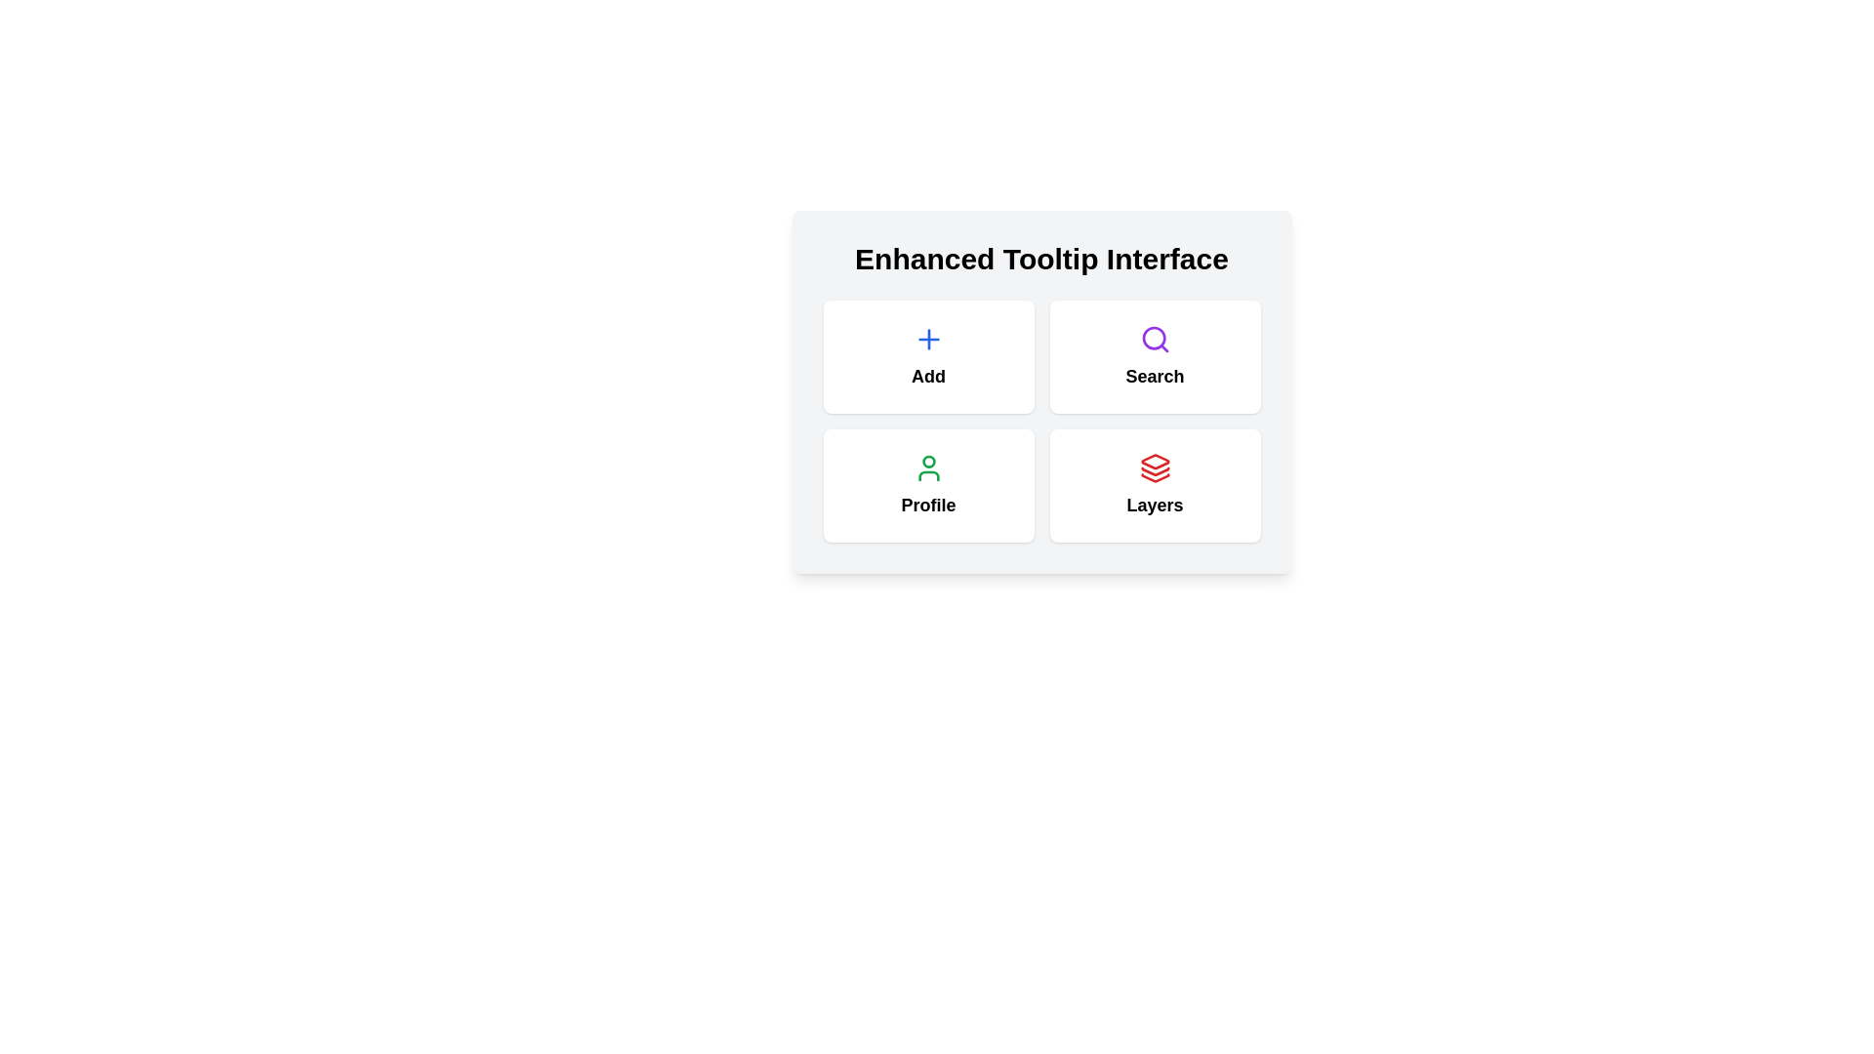  Describe the element at coordinates (927, 467) in the screenshot. I see `the user profile icon located in the lower-left corner of the feature layout grid, above the text 'Profile'` at that location.